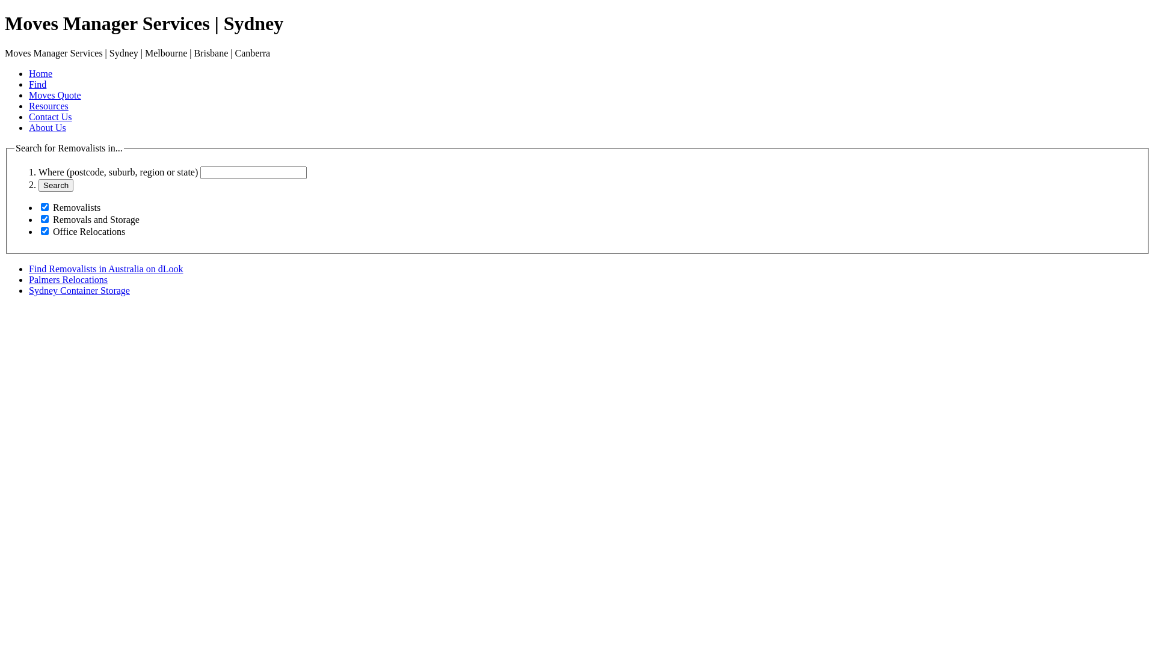 The height and width of the screenshot is (649, 1155). I want to click on 'Where - postcode or suburb.', so click(253, 172).